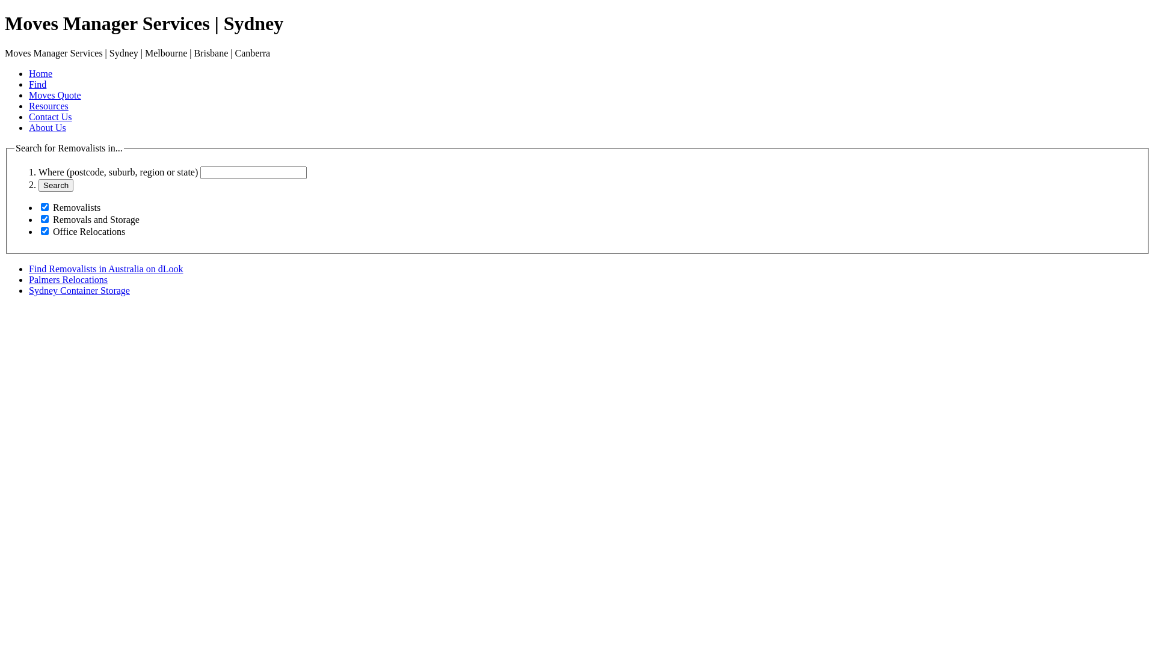 The height and width of the screenshot is (649, 1155). I want to click on 'Where - postcode or suburb.', so click(253, 172).